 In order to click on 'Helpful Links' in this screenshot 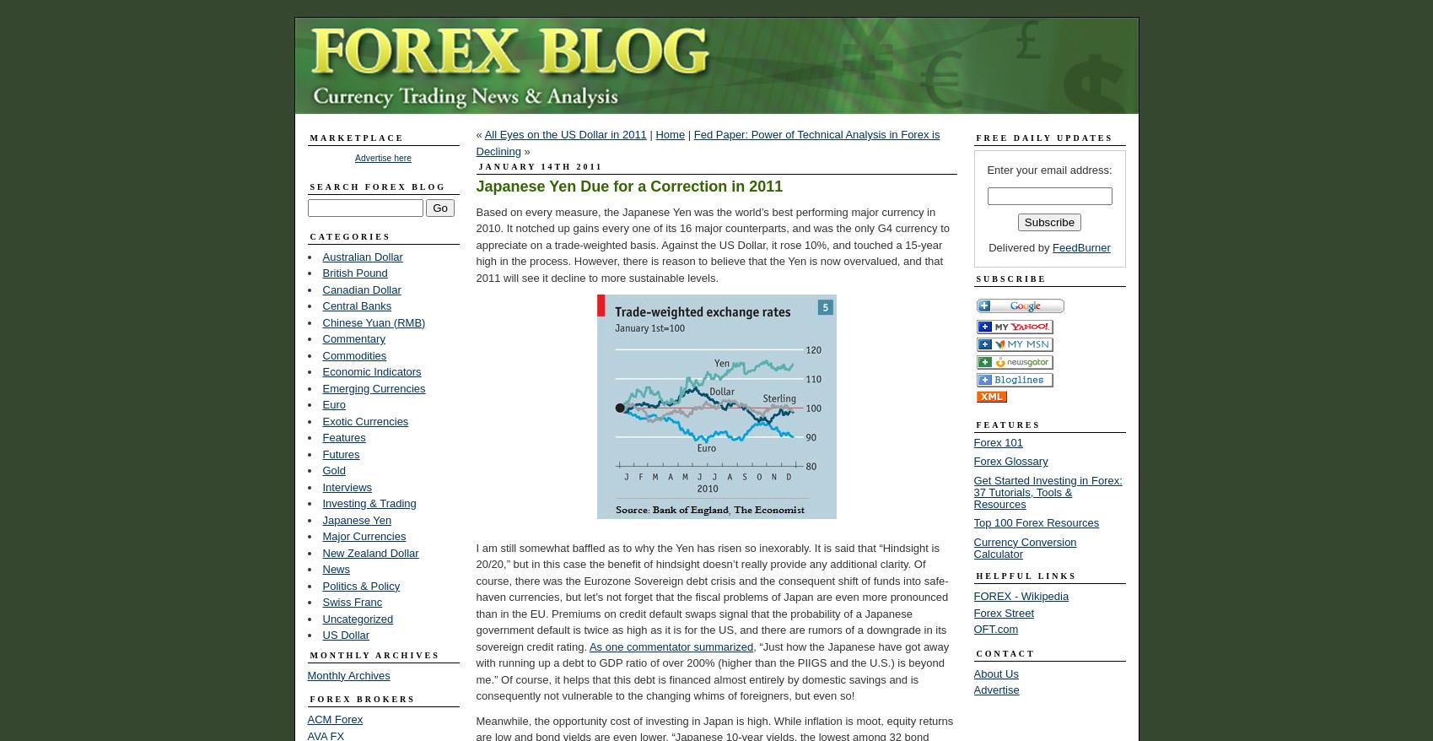, I will do `click(1026, 576)`.